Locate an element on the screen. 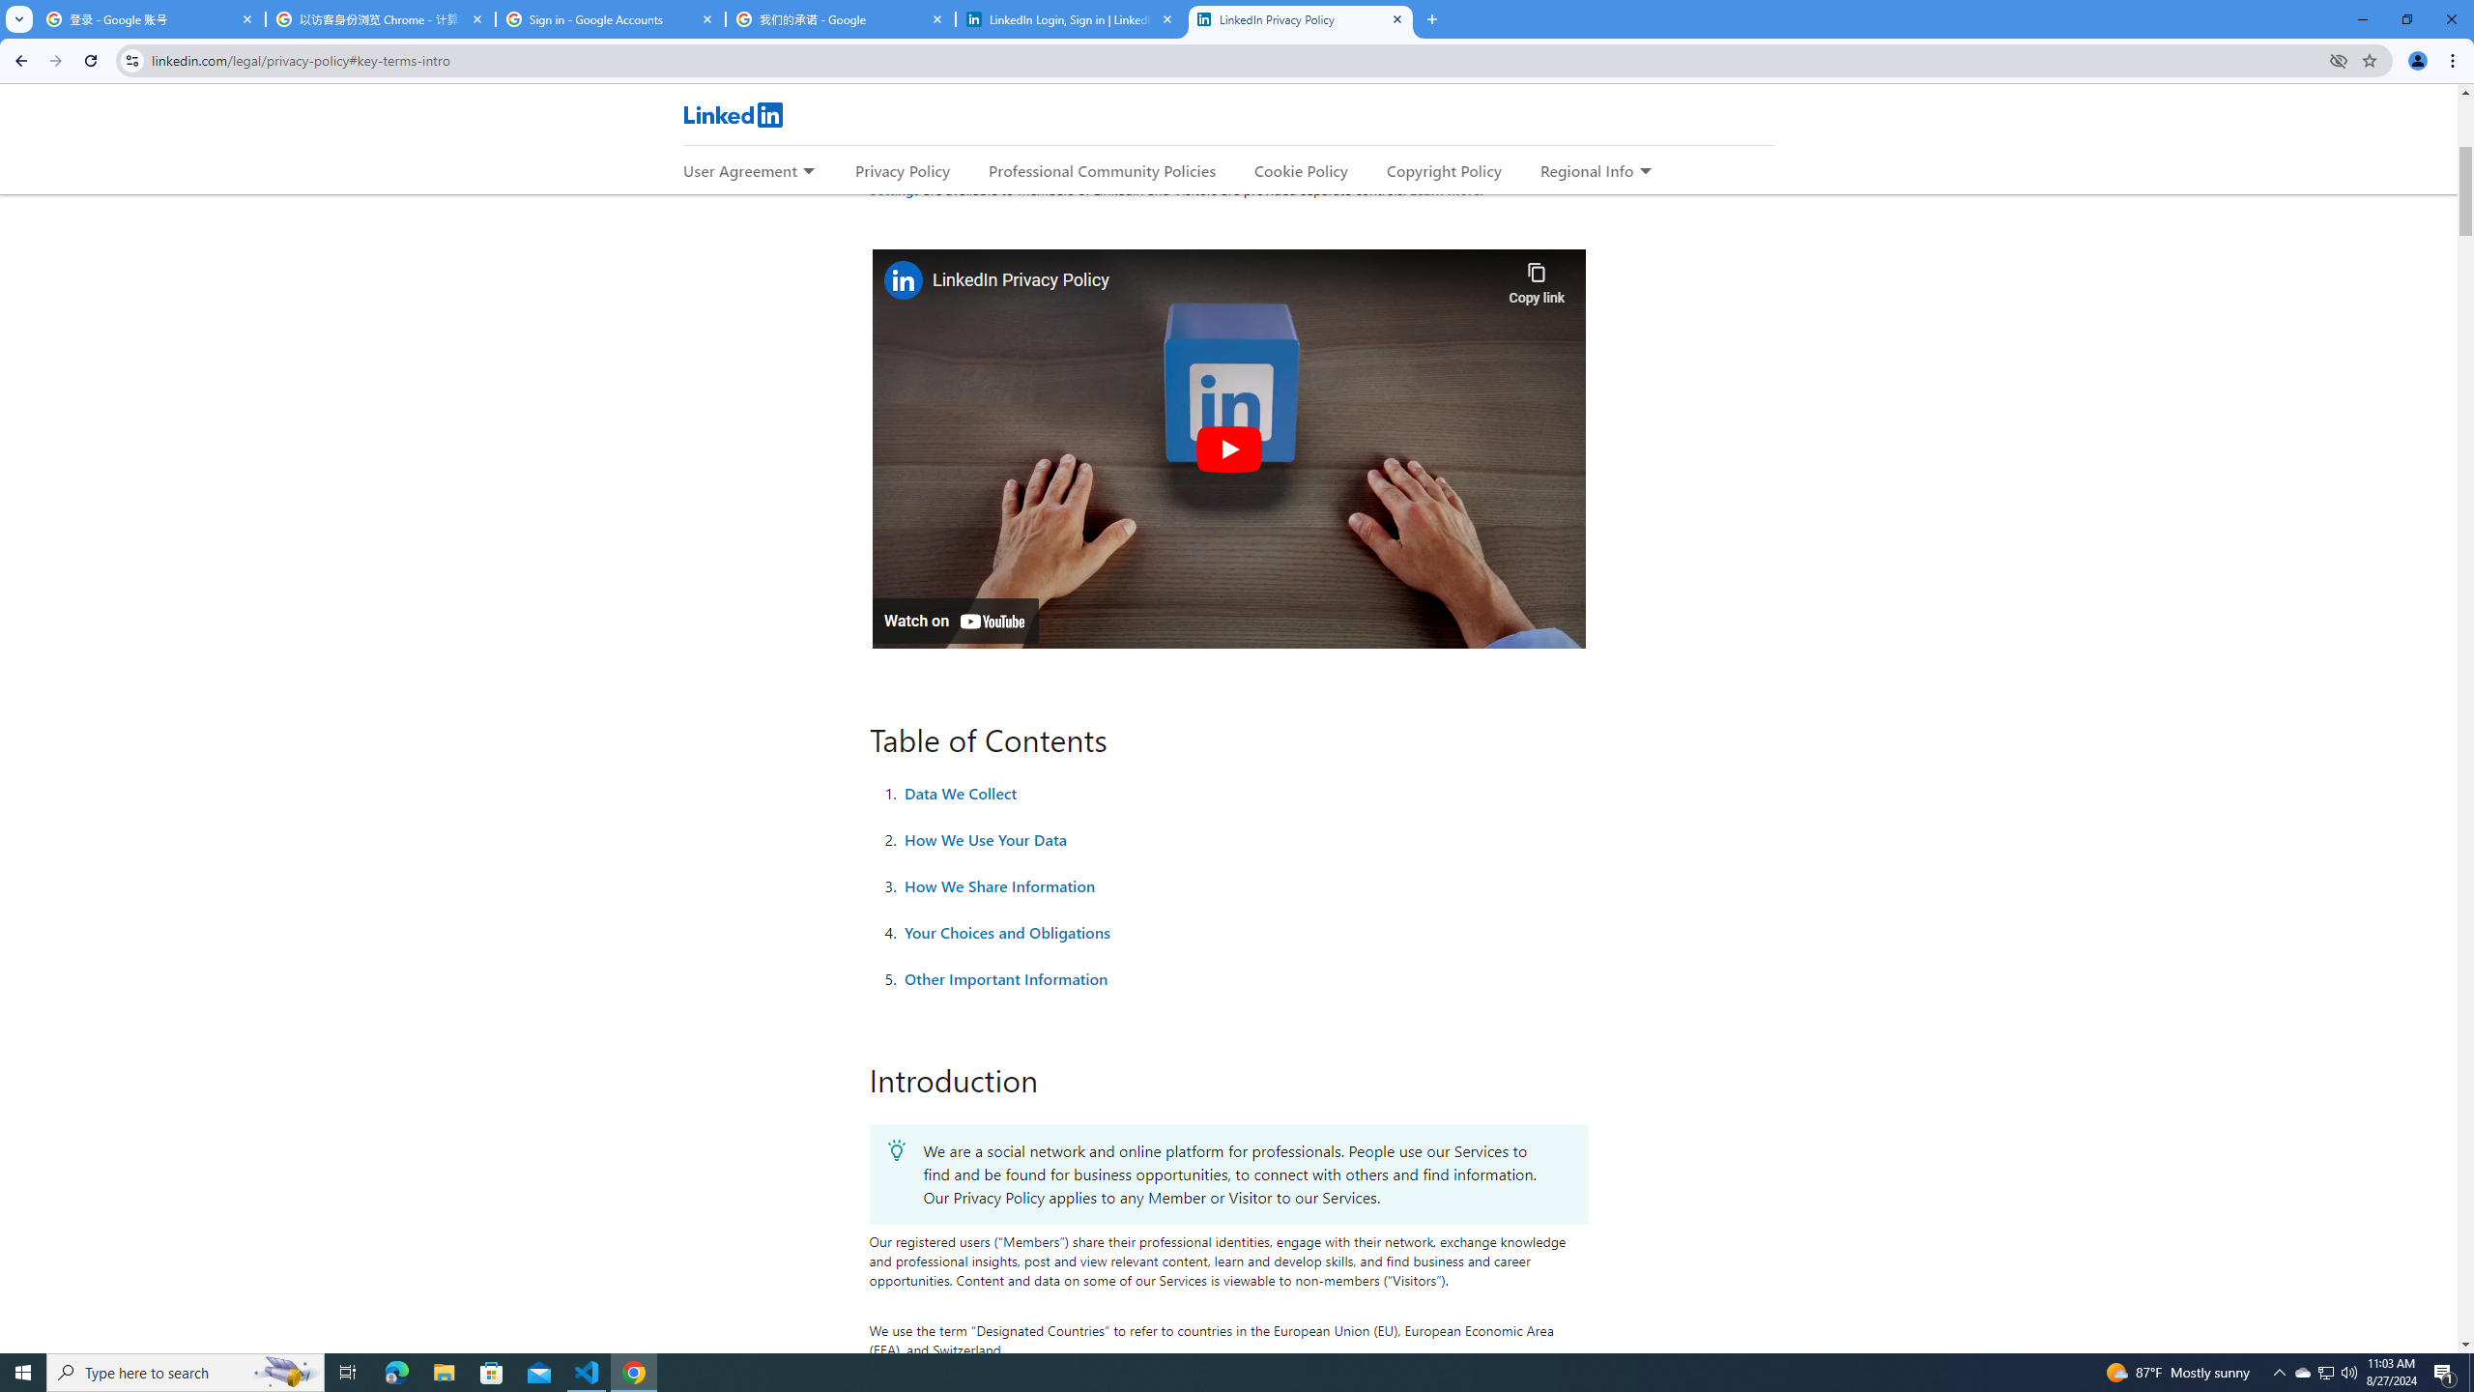 The image size is (2474, 1392). 'Copy link' is located at coordinates (1536, 277).